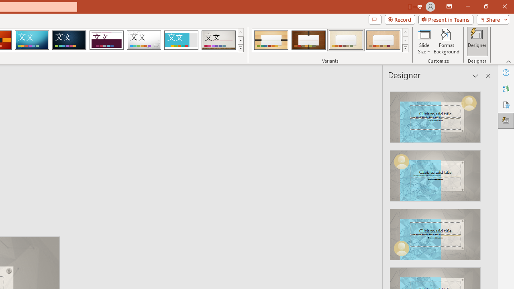 The image size is (514, 289). I want to click on 'Themes', so click(240, 48).